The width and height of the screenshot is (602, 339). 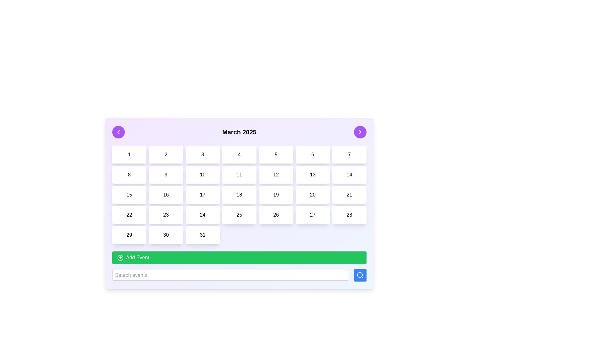 I want to click on the Calendar Date Cell representing the 31st day of the month, located in the seventh column of the fifth row of the calendar grid, so click(x=203, y=235).